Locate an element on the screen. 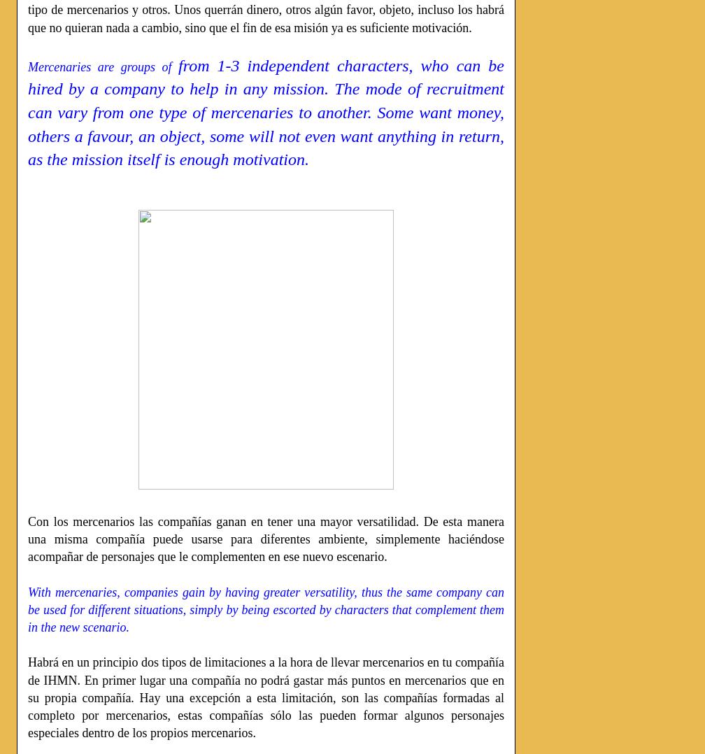 Image resolution: width=705 pixels, height=754 pixels. 'not' is located at coordinates (291, 136).